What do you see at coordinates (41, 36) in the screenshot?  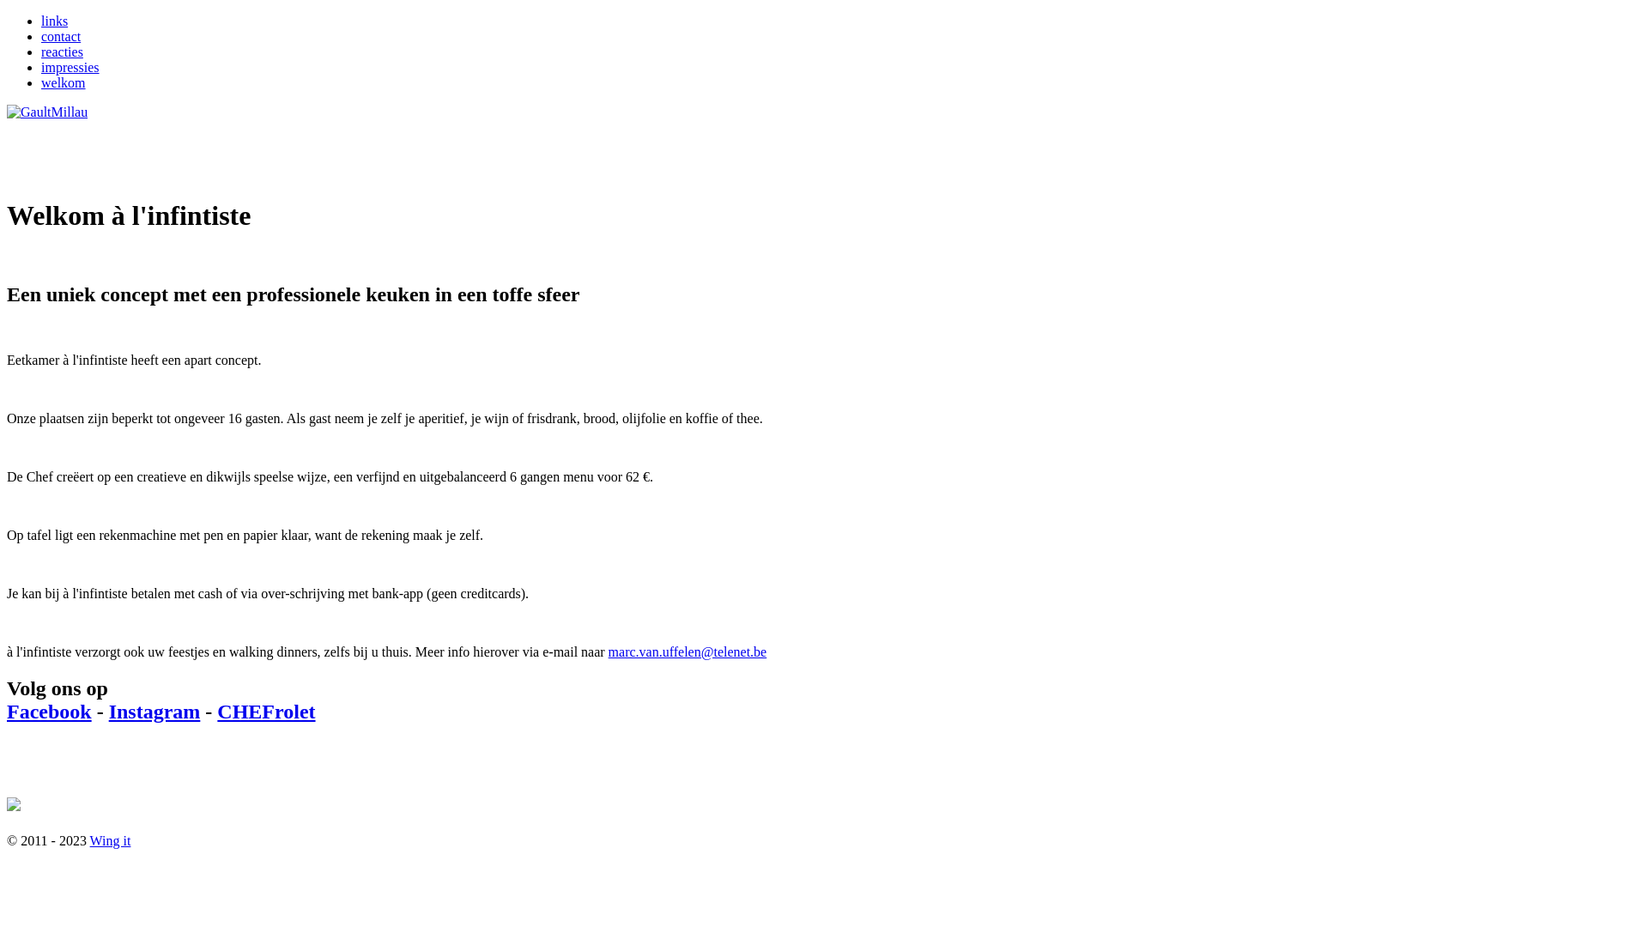 I see `'contact'` at bounding box center [41, 36].